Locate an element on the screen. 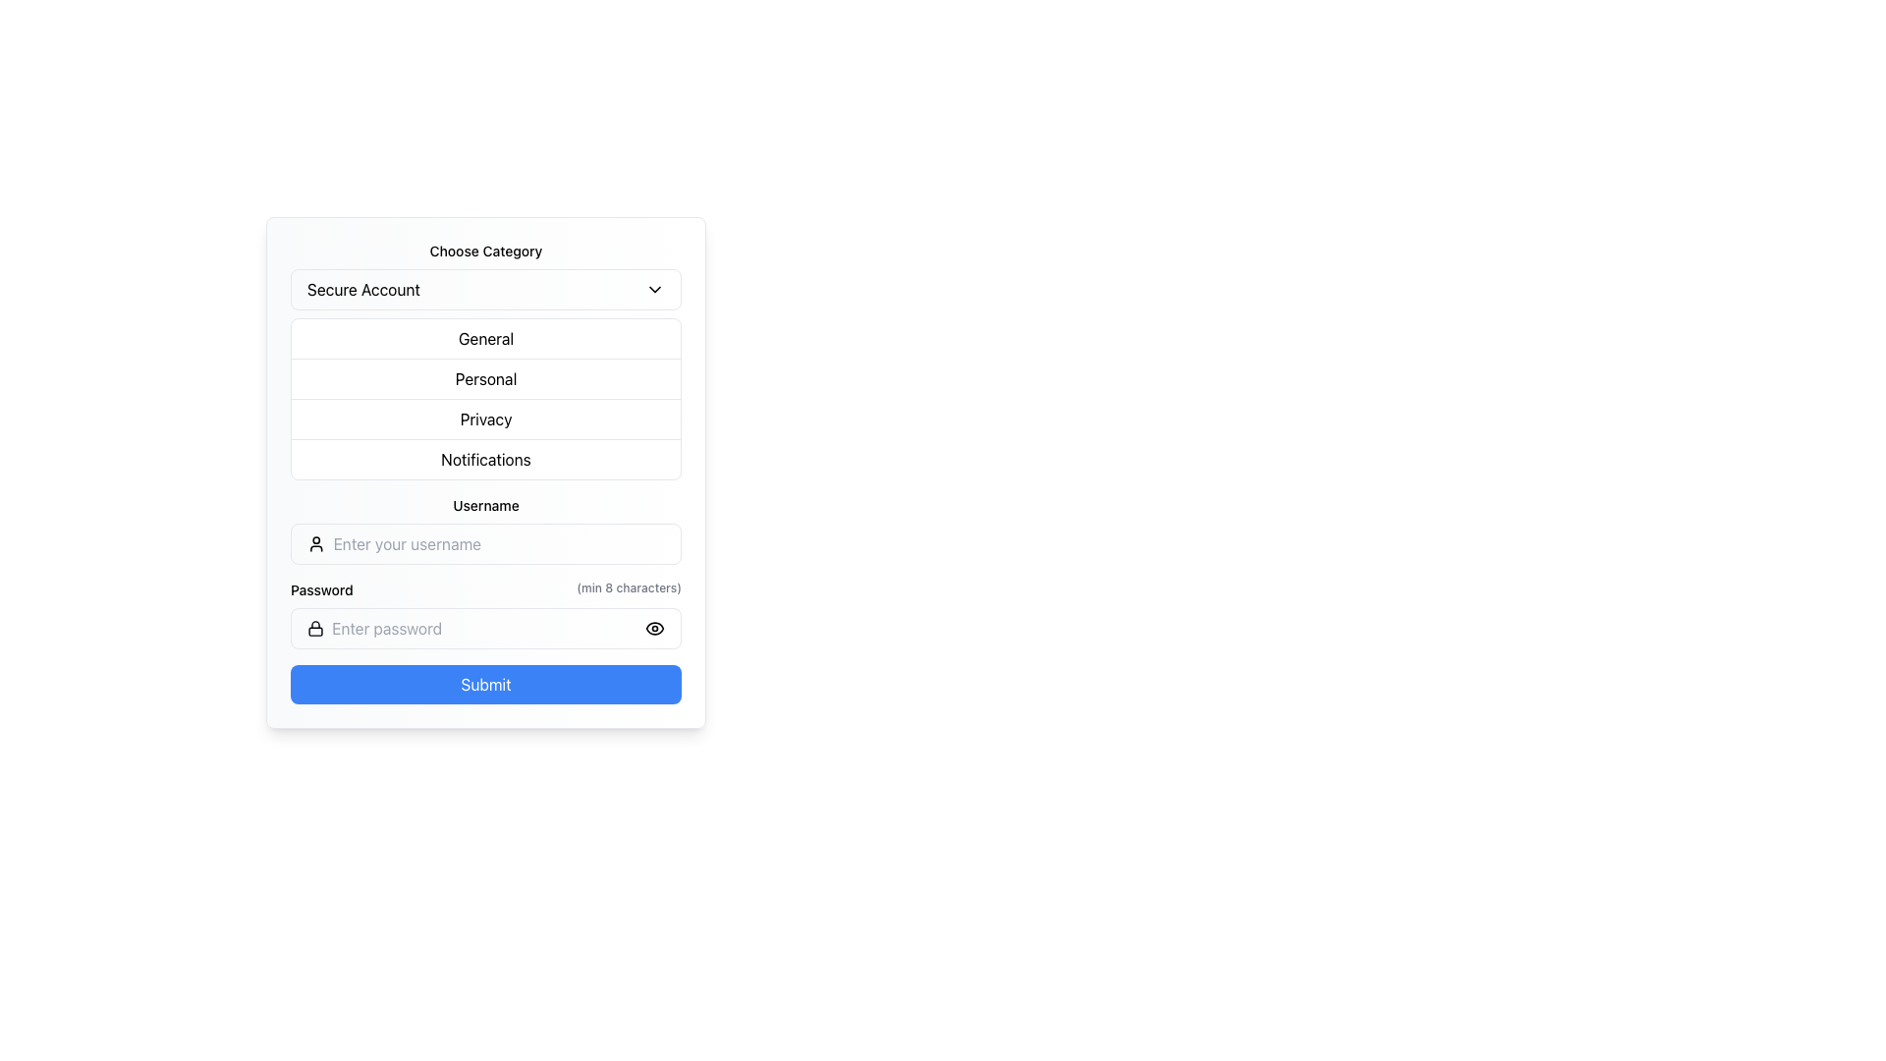 The height and width of the screenshot is (1061, 1886). the 'Secure Account' Dropdown Trigger located near the top of the form is located at coordinates (485, 289).